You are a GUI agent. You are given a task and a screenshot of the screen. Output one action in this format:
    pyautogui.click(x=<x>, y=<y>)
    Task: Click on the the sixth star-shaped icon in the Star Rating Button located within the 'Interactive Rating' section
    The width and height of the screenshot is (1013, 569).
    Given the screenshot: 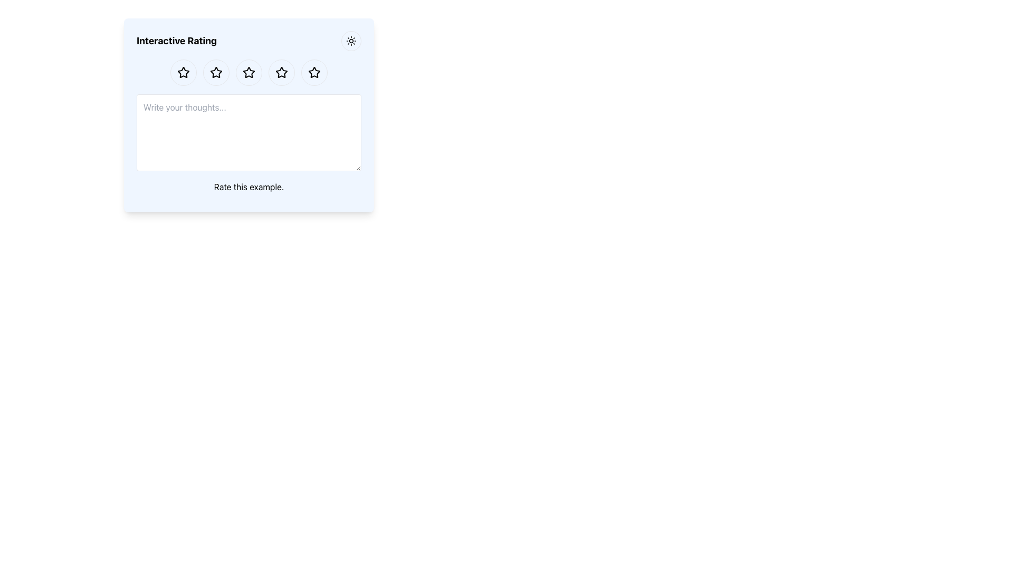 What is the action you would take?
    pyautogui.click(x=313, y=72)
    